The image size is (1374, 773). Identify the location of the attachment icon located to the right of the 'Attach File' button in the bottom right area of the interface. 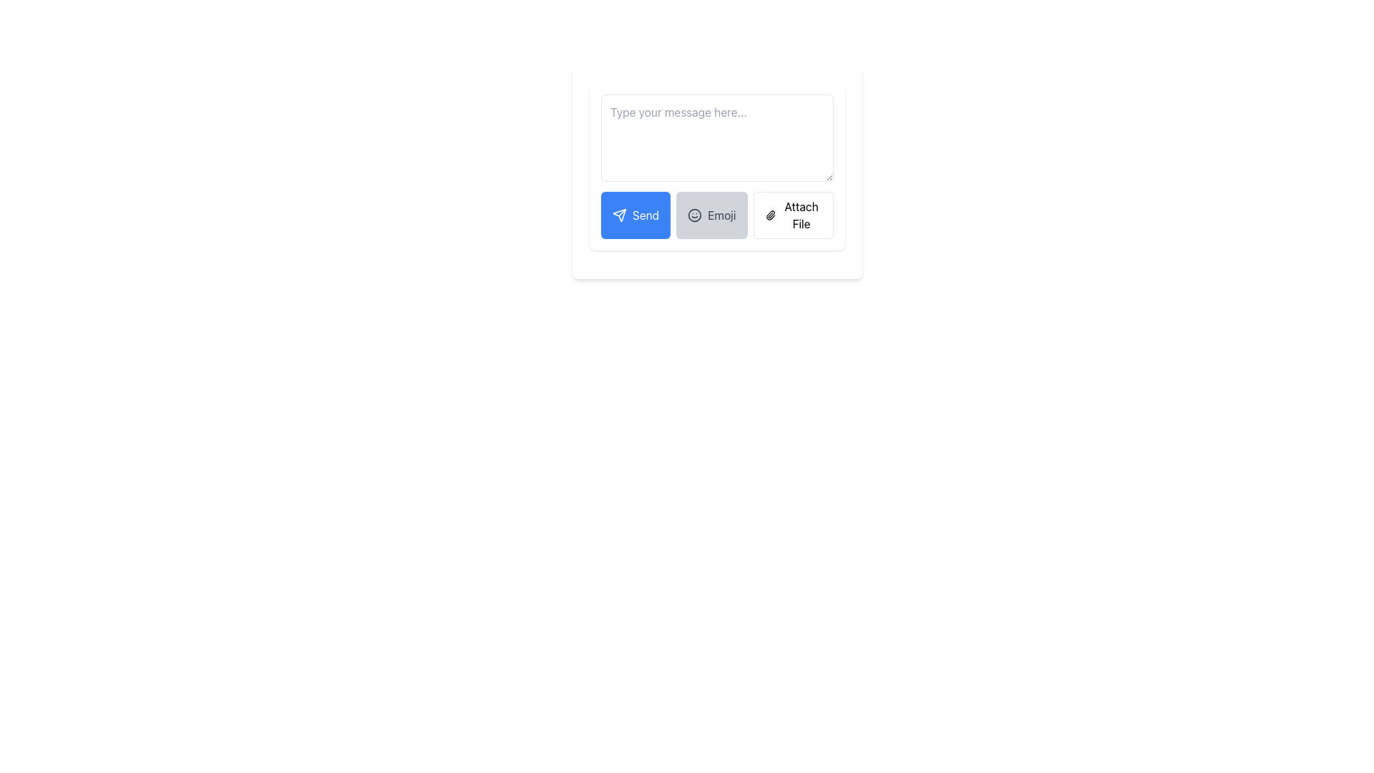
(769, 215).